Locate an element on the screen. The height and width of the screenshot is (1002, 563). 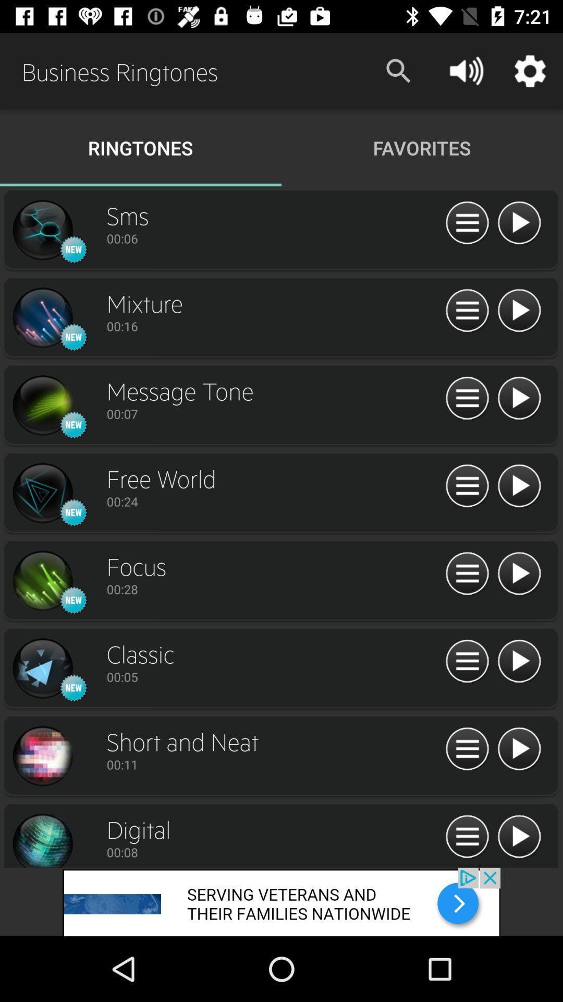
play is located at coordinates (519, 223).